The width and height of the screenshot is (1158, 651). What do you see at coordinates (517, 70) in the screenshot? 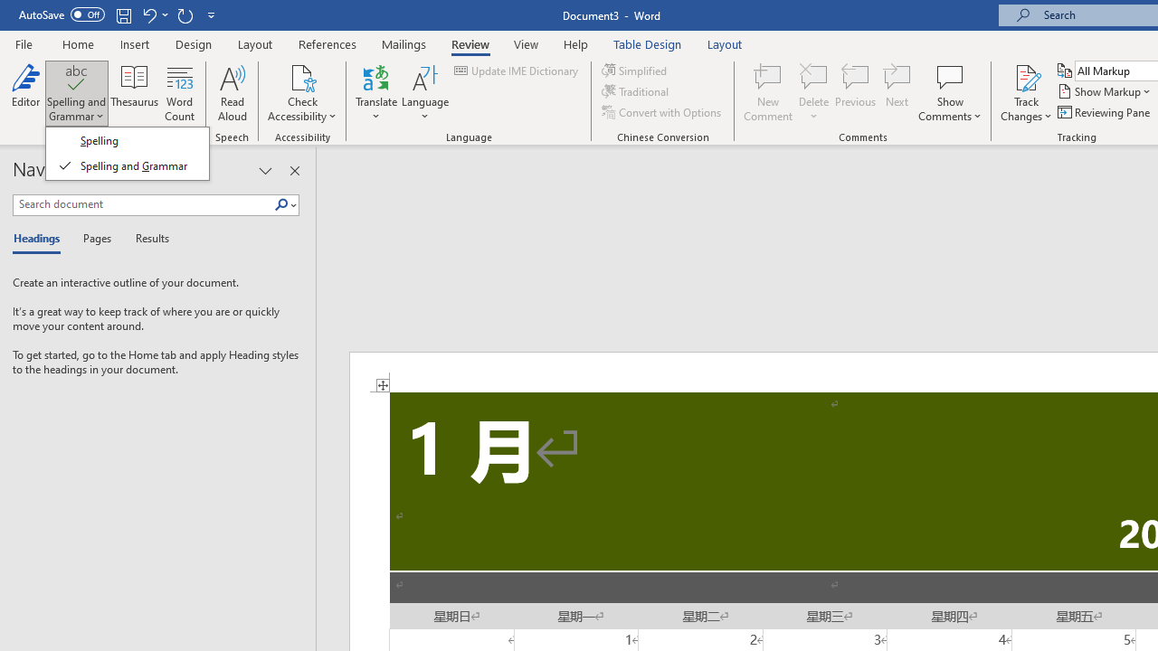
I see `'Update IME Dictionary...'` at bounding box center [517, 70].